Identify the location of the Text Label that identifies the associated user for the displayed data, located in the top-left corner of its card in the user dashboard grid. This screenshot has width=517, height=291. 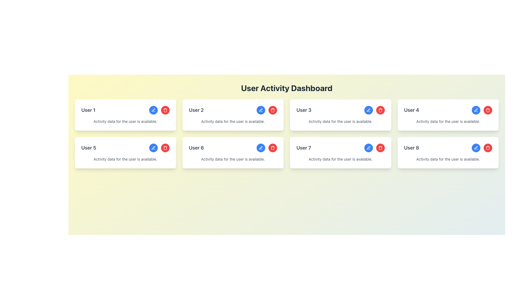
(304, 148).